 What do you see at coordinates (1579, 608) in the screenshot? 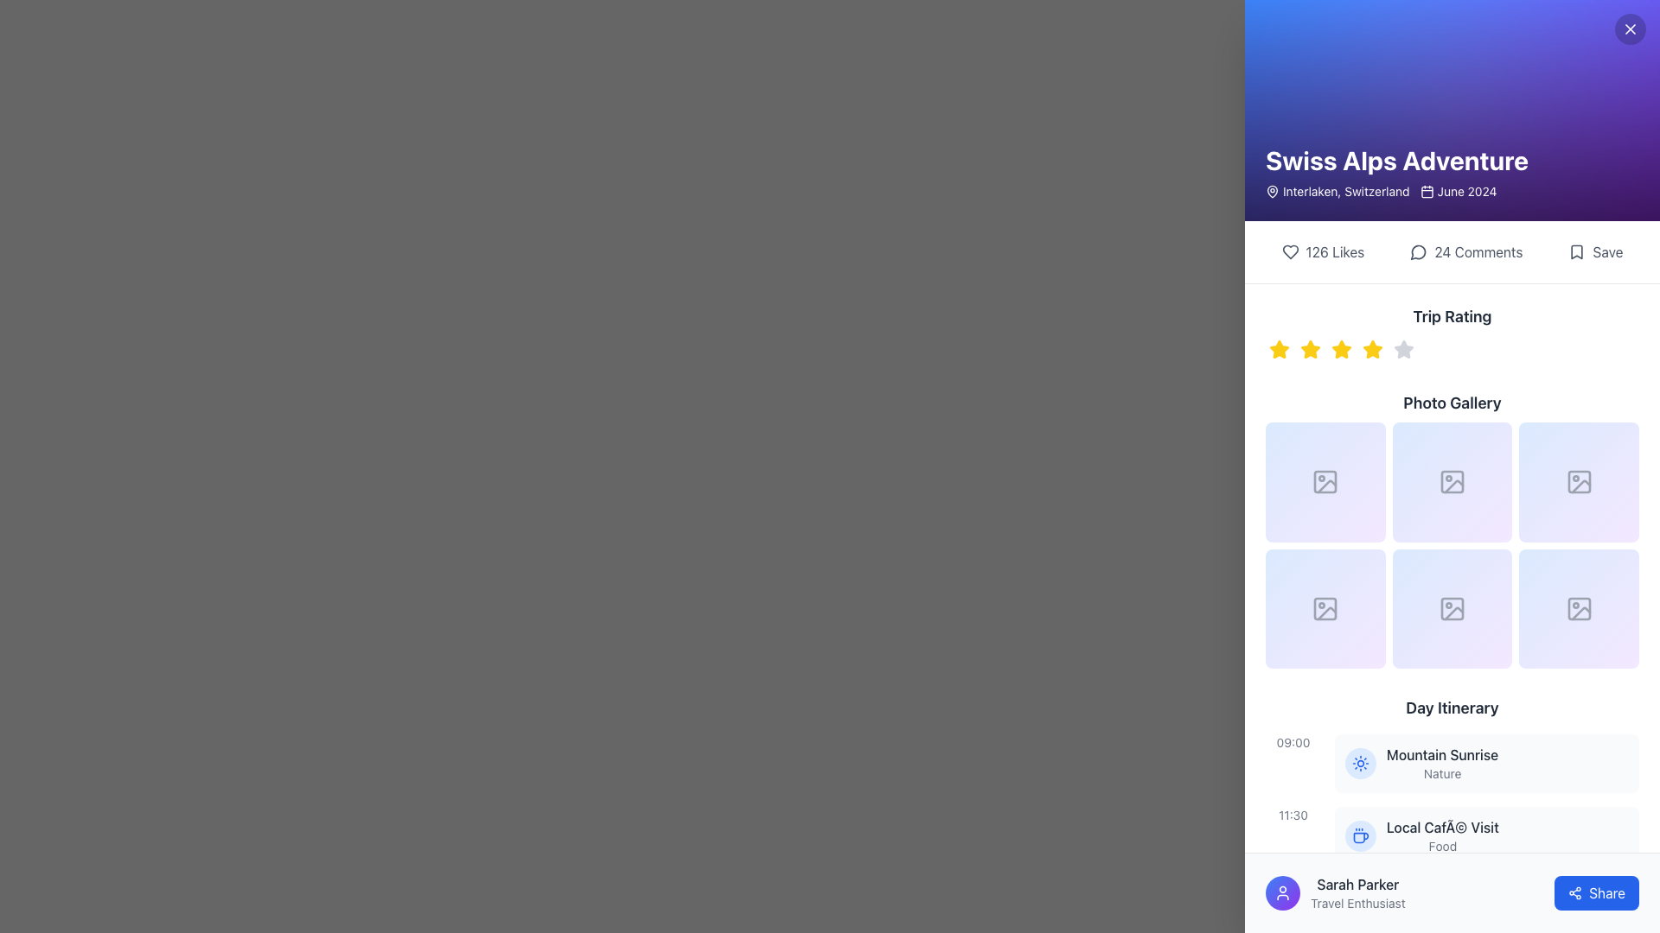
I see `the gray outlined photograph icon located in the second row, third column of the 'Photo Gallery' grid` at bounding box center [1579, 608].